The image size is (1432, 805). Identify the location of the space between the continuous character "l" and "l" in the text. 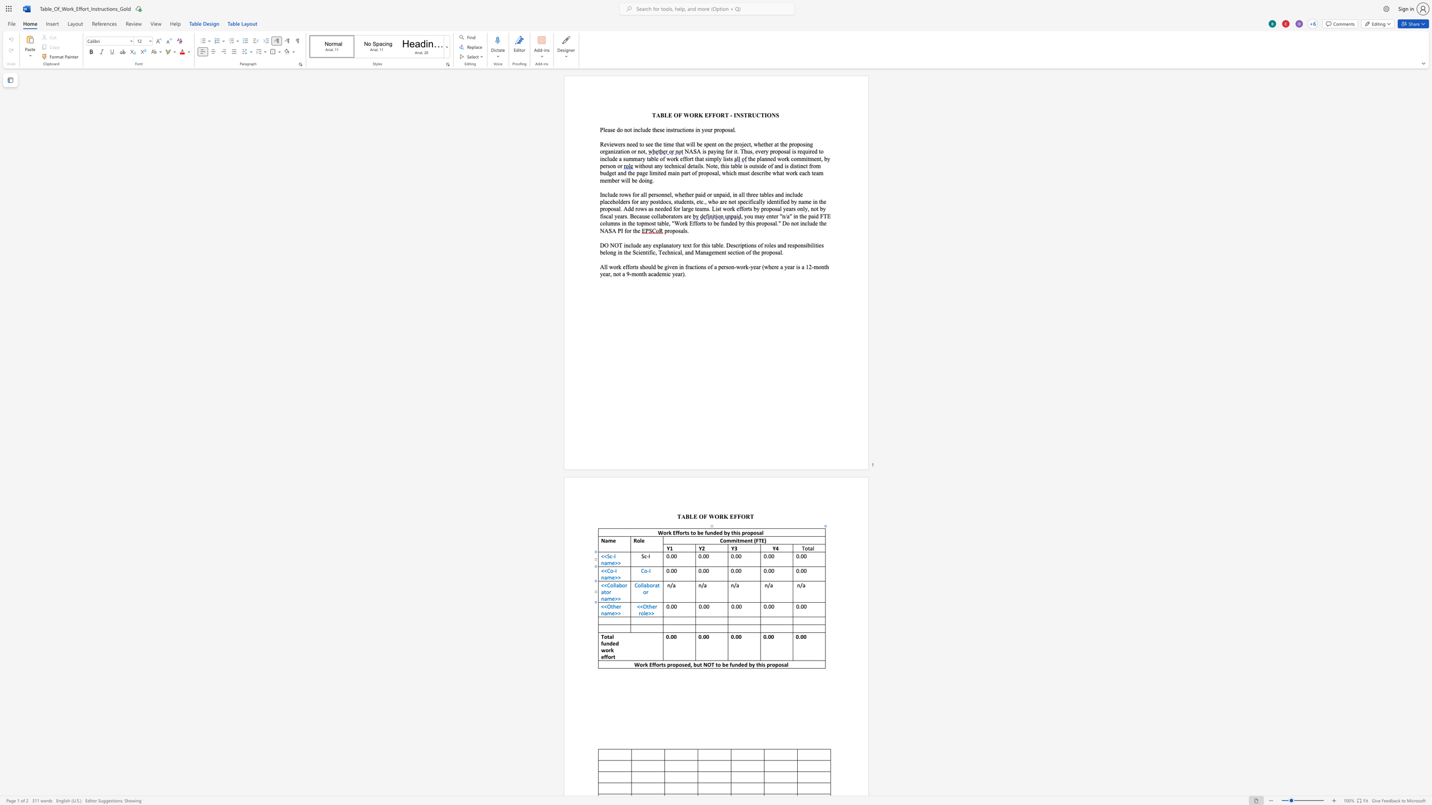
(642, 585).